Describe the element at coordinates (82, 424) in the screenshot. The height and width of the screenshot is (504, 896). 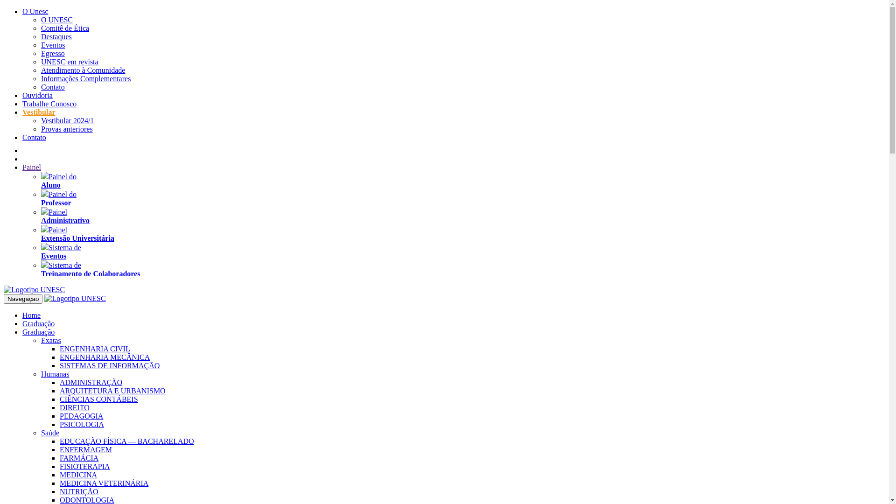
I see `'PSICOLOGIA'` at that location.